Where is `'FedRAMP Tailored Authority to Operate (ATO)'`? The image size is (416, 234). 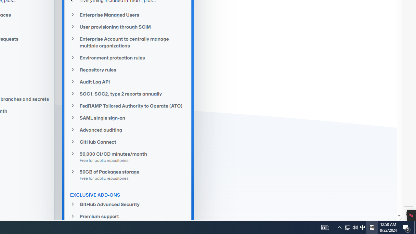 'FedRAMP Tailored Authority to Operate (ATO)' is located at coordinates (128, 105).